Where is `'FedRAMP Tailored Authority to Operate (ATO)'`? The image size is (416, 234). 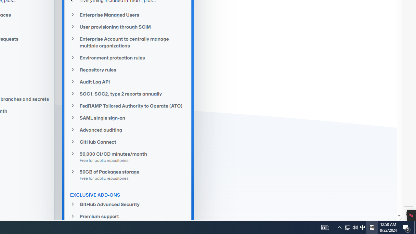 'FedRAMP Tailored Authority to Operate (ATO)' is located at coordinates (128, 105).